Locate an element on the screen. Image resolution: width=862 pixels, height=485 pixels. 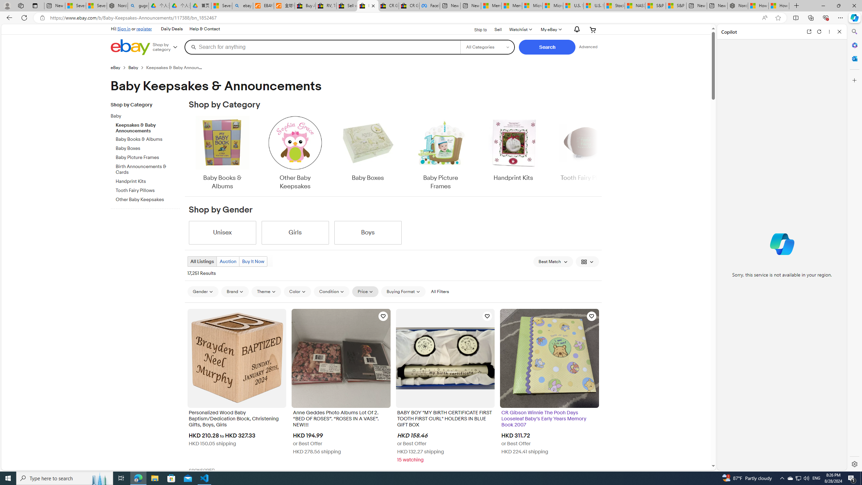
'eBay' is located at coordinates (119, 67).